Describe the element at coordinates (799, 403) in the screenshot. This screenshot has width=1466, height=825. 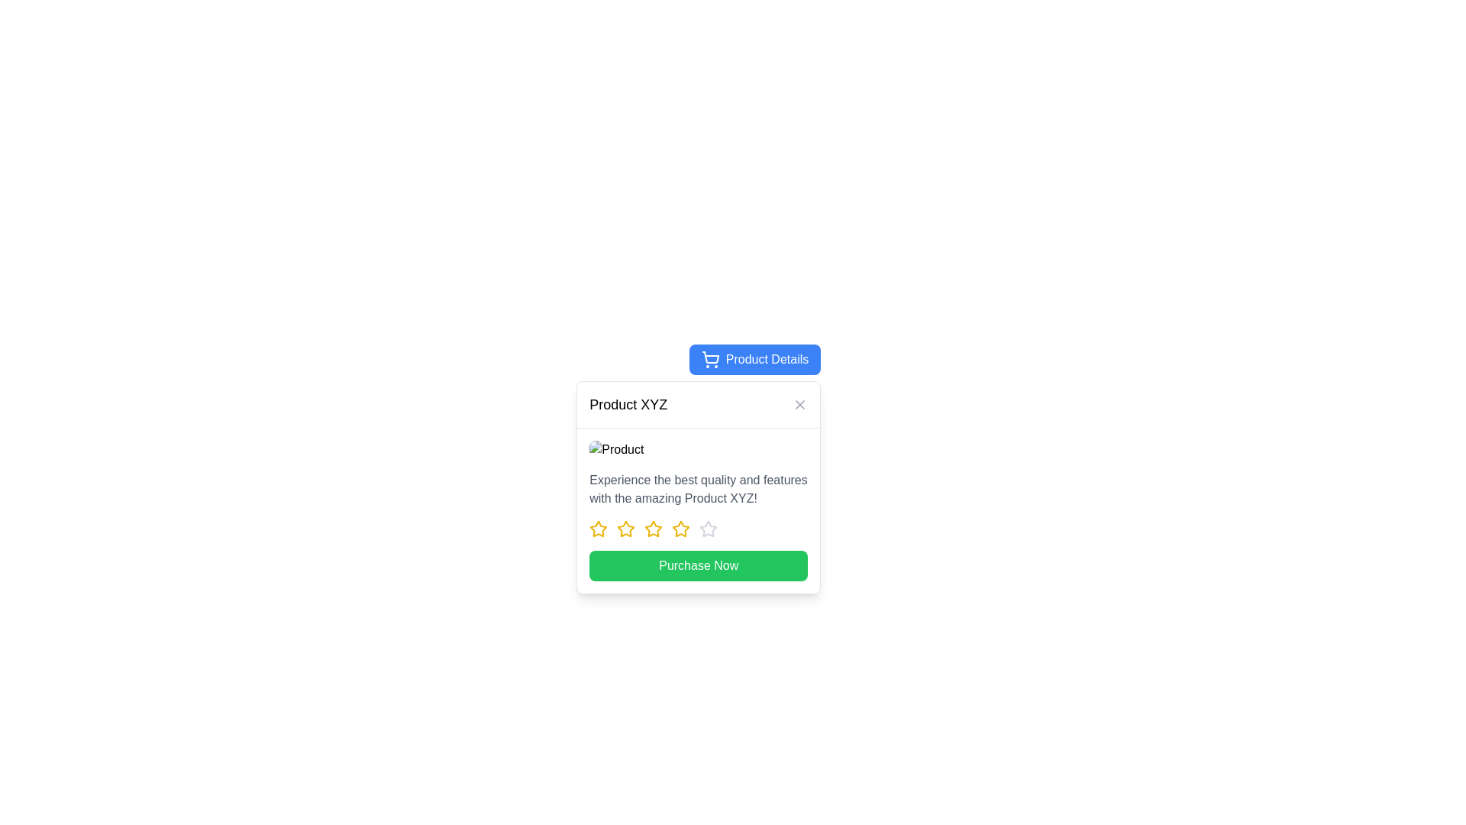
I see `the small 'X' icon located at the top-right corner of the product card` at that location.